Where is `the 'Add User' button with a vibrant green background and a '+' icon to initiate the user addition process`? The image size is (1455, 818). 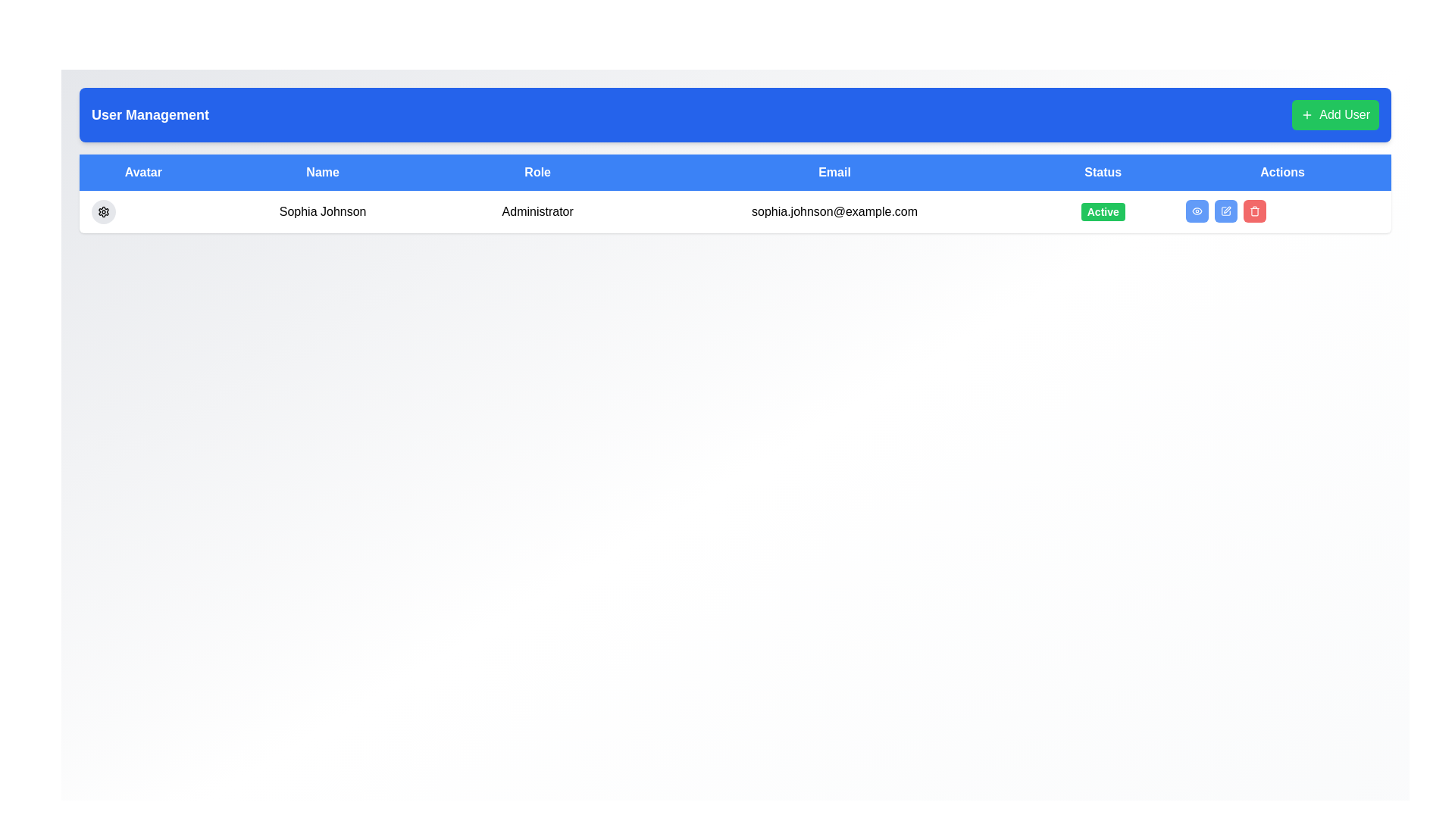 the 'Add User' button with a vibrant green background and a '+' icon to initiate the user addition process is located at coordinates (1335, 114).